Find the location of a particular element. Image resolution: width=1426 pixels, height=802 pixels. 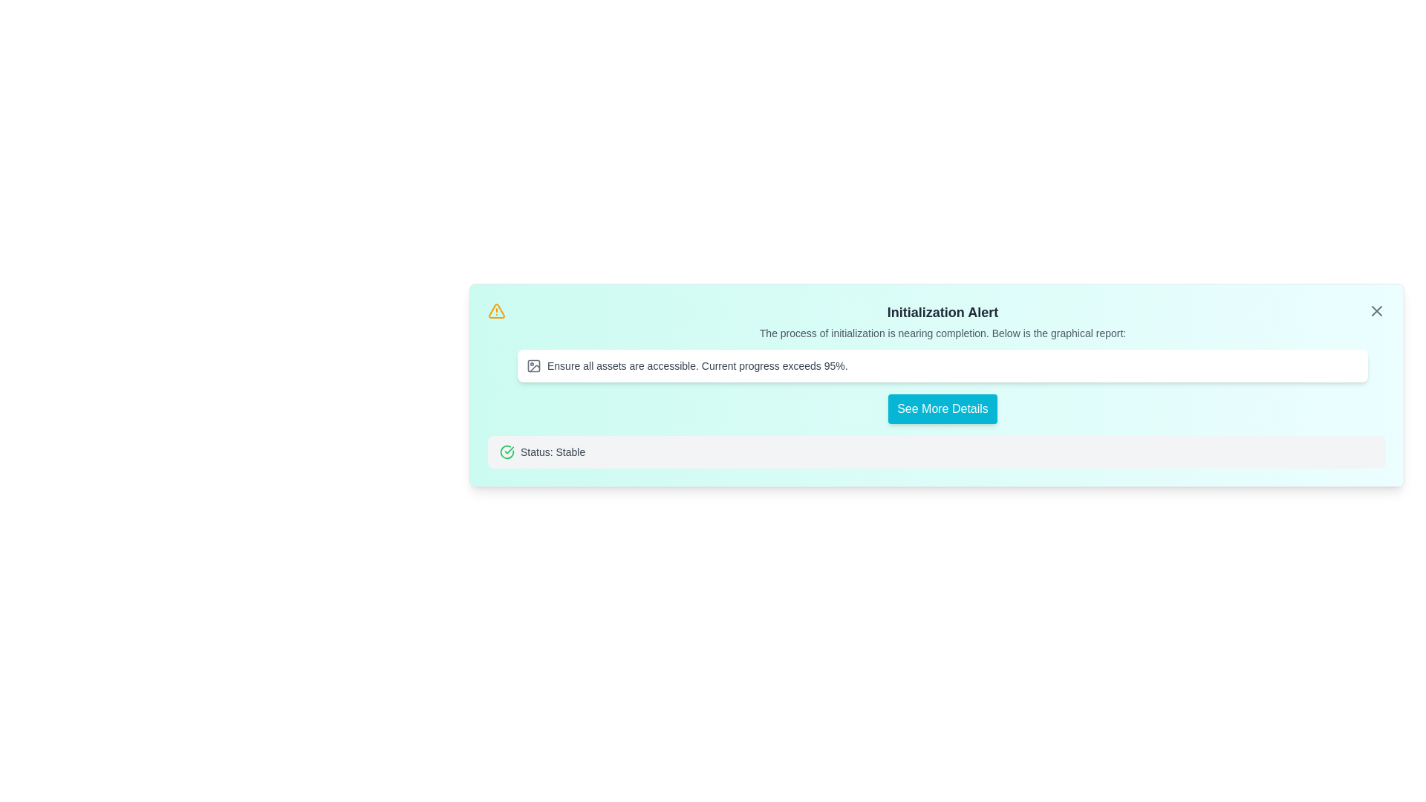

the close button located at the top-right corner of the alert to close it is located at coordinates (1375, 310).